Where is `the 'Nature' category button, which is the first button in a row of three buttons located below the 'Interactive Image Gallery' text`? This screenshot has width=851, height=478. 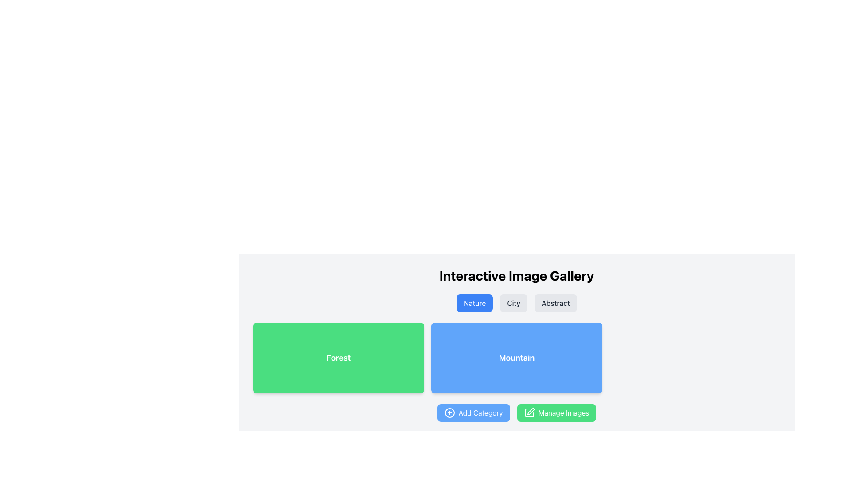 the 'Nature' category button, which is the first button in a row of three buttons located below the 'Interactive Image Gallery' text is located at coordinates (474, 303).